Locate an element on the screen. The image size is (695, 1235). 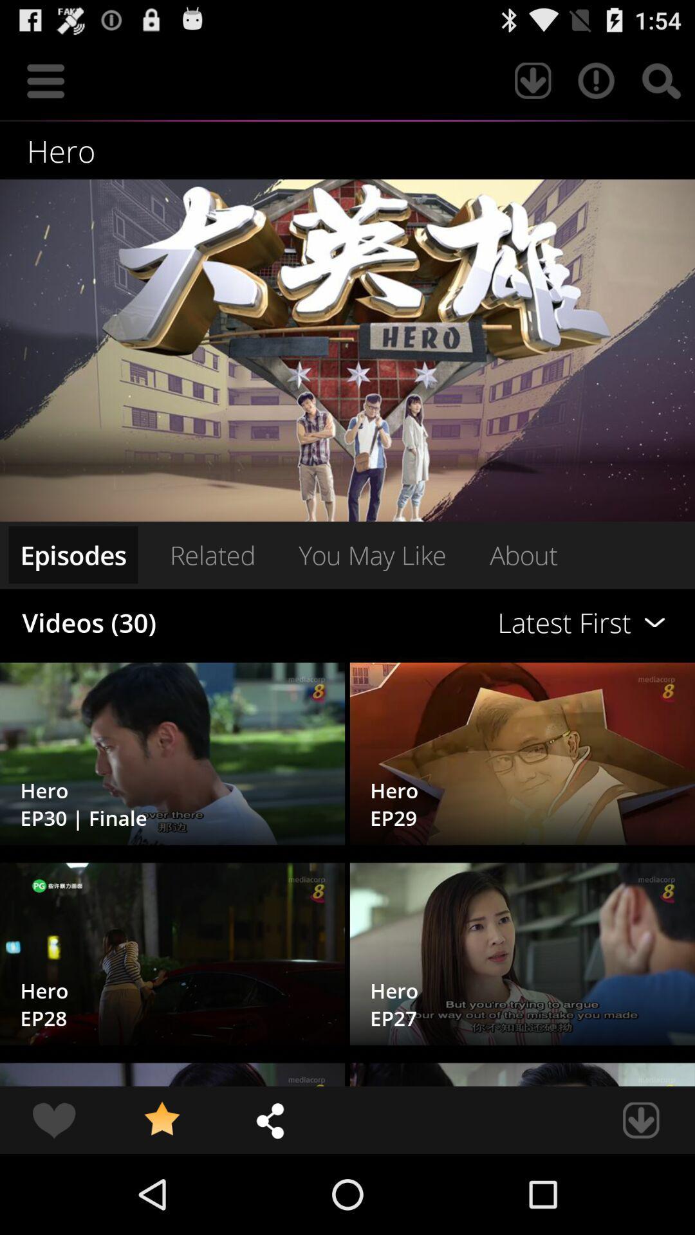
the you may like is located at coordinates (372, 554).